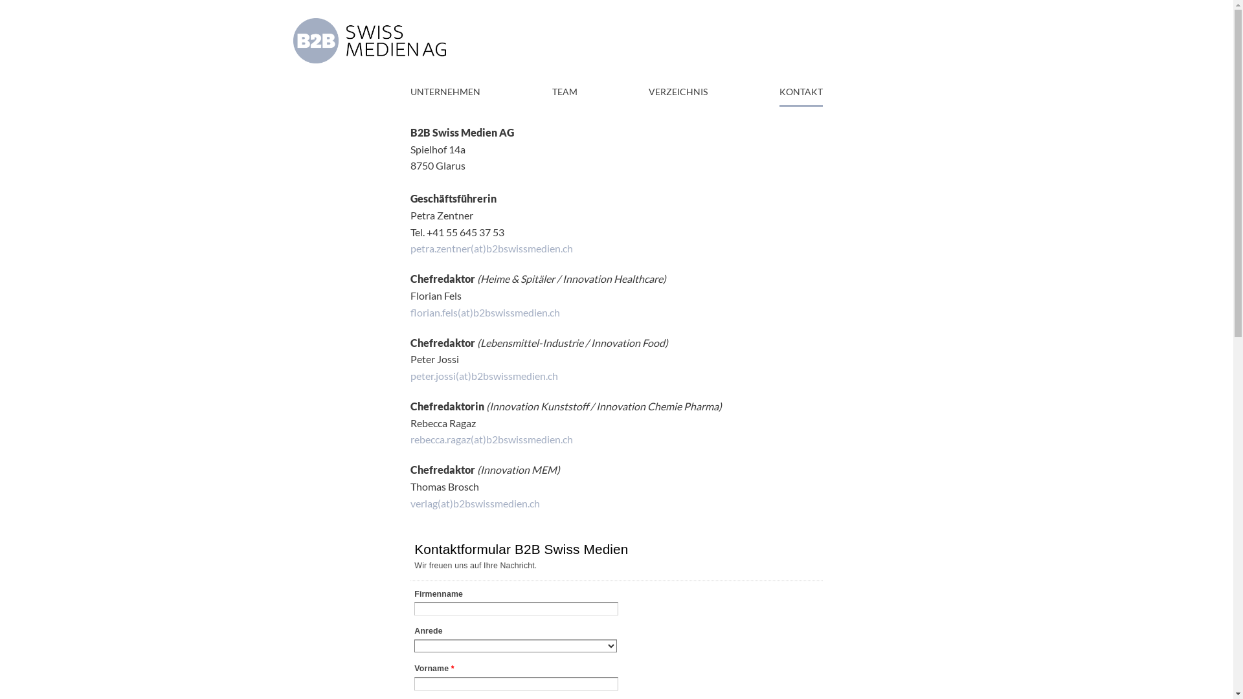  Describe the element at coordinates (409, 375) in the screenshot. I see `'peter.jossi(at)b2bswissmedien.ch'` at that location.